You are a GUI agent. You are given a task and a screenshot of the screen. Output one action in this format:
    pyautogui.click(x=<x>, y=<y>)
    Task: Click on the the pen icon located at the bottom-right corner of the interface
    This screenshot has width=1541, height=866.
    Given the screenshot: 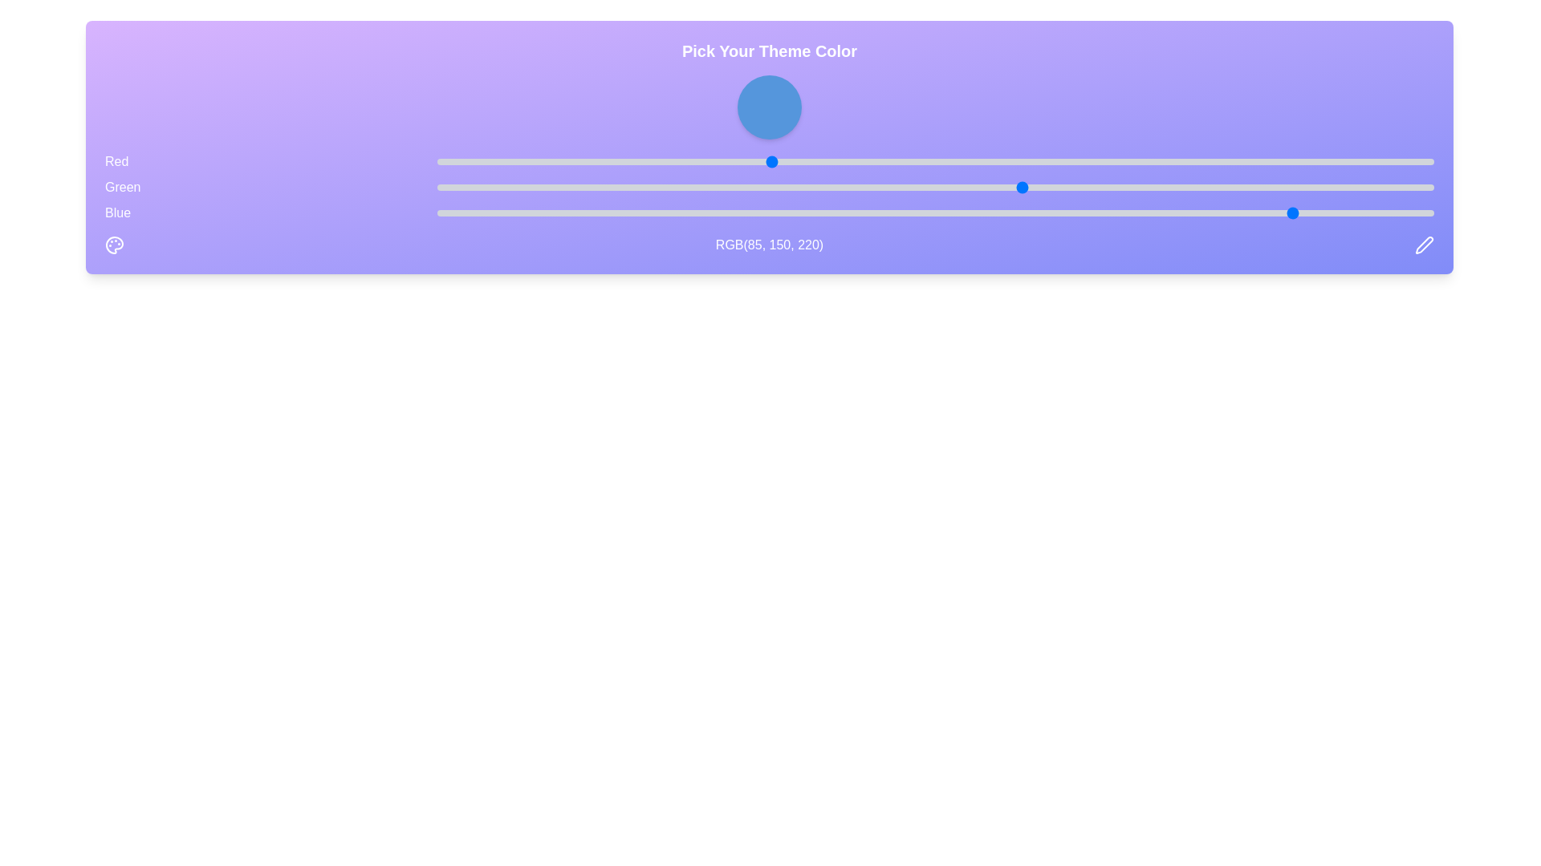 What is the action you would take?
    pyautogui.click(x=1425, y=244)
    